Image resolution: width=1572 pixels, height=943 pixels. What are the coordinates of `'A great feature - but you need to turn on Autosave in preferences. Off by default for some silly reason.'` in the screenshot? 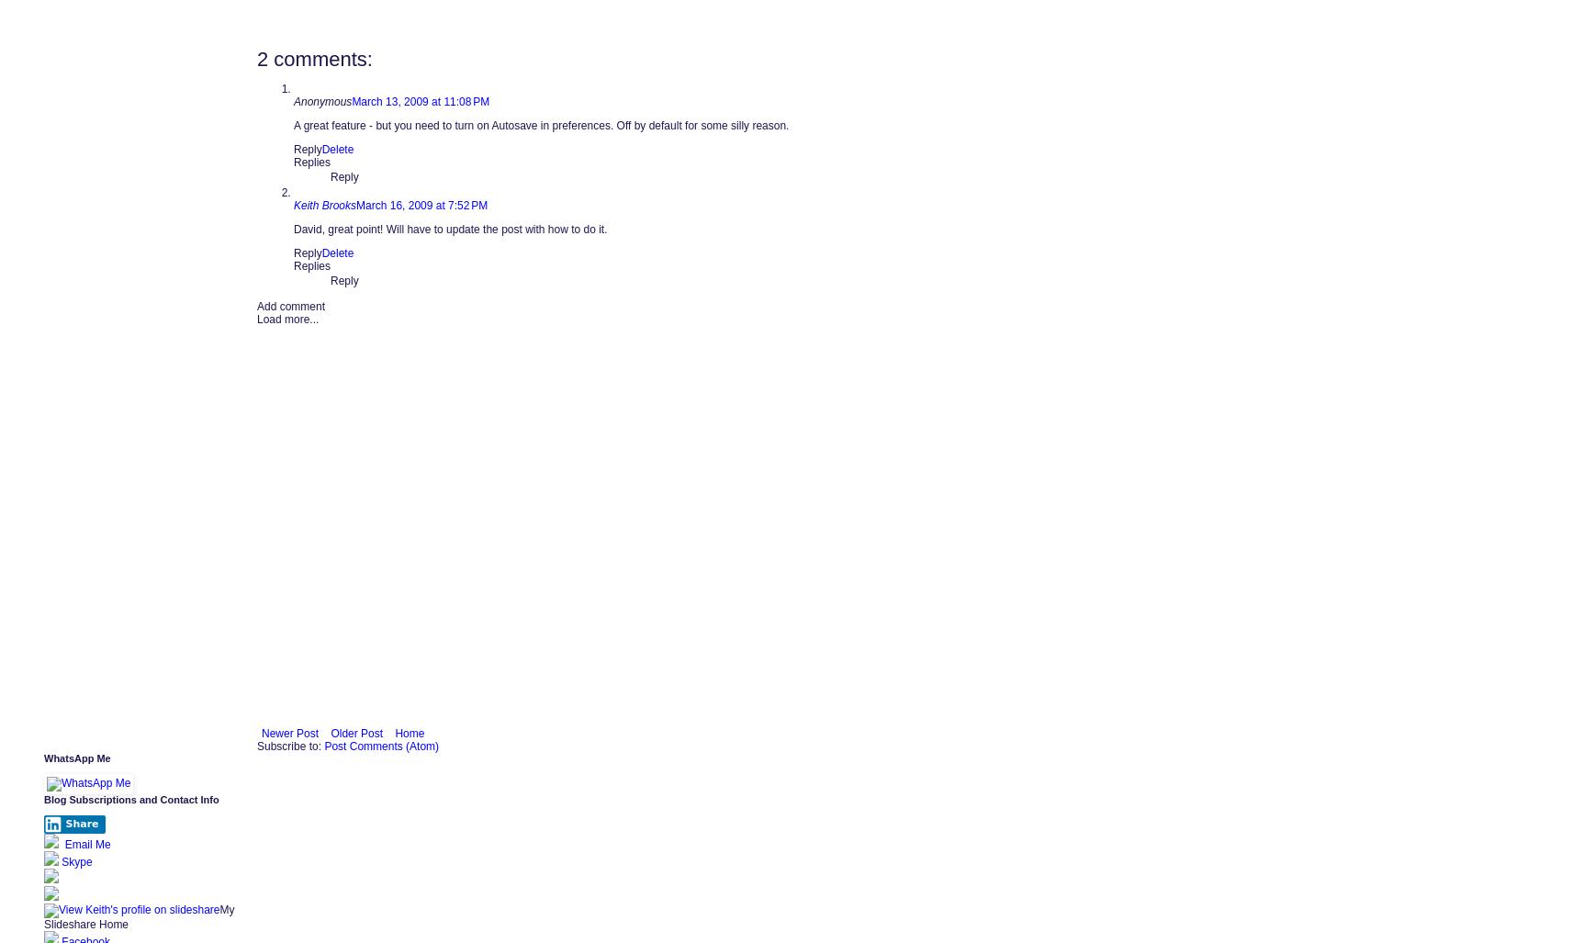 It's located at (540, 126).